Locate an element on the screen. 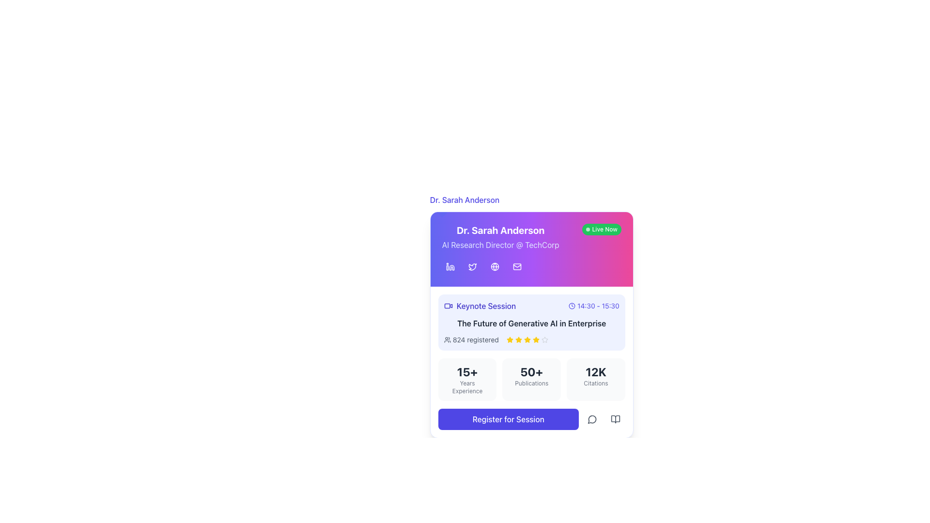 The height and width of the screenshot is (523, 930). the small clock icon with a circular outline located to the left of the text '14:30 - 15:30' in the upper right section of the keynote session card is located at coordinates (572, 306).